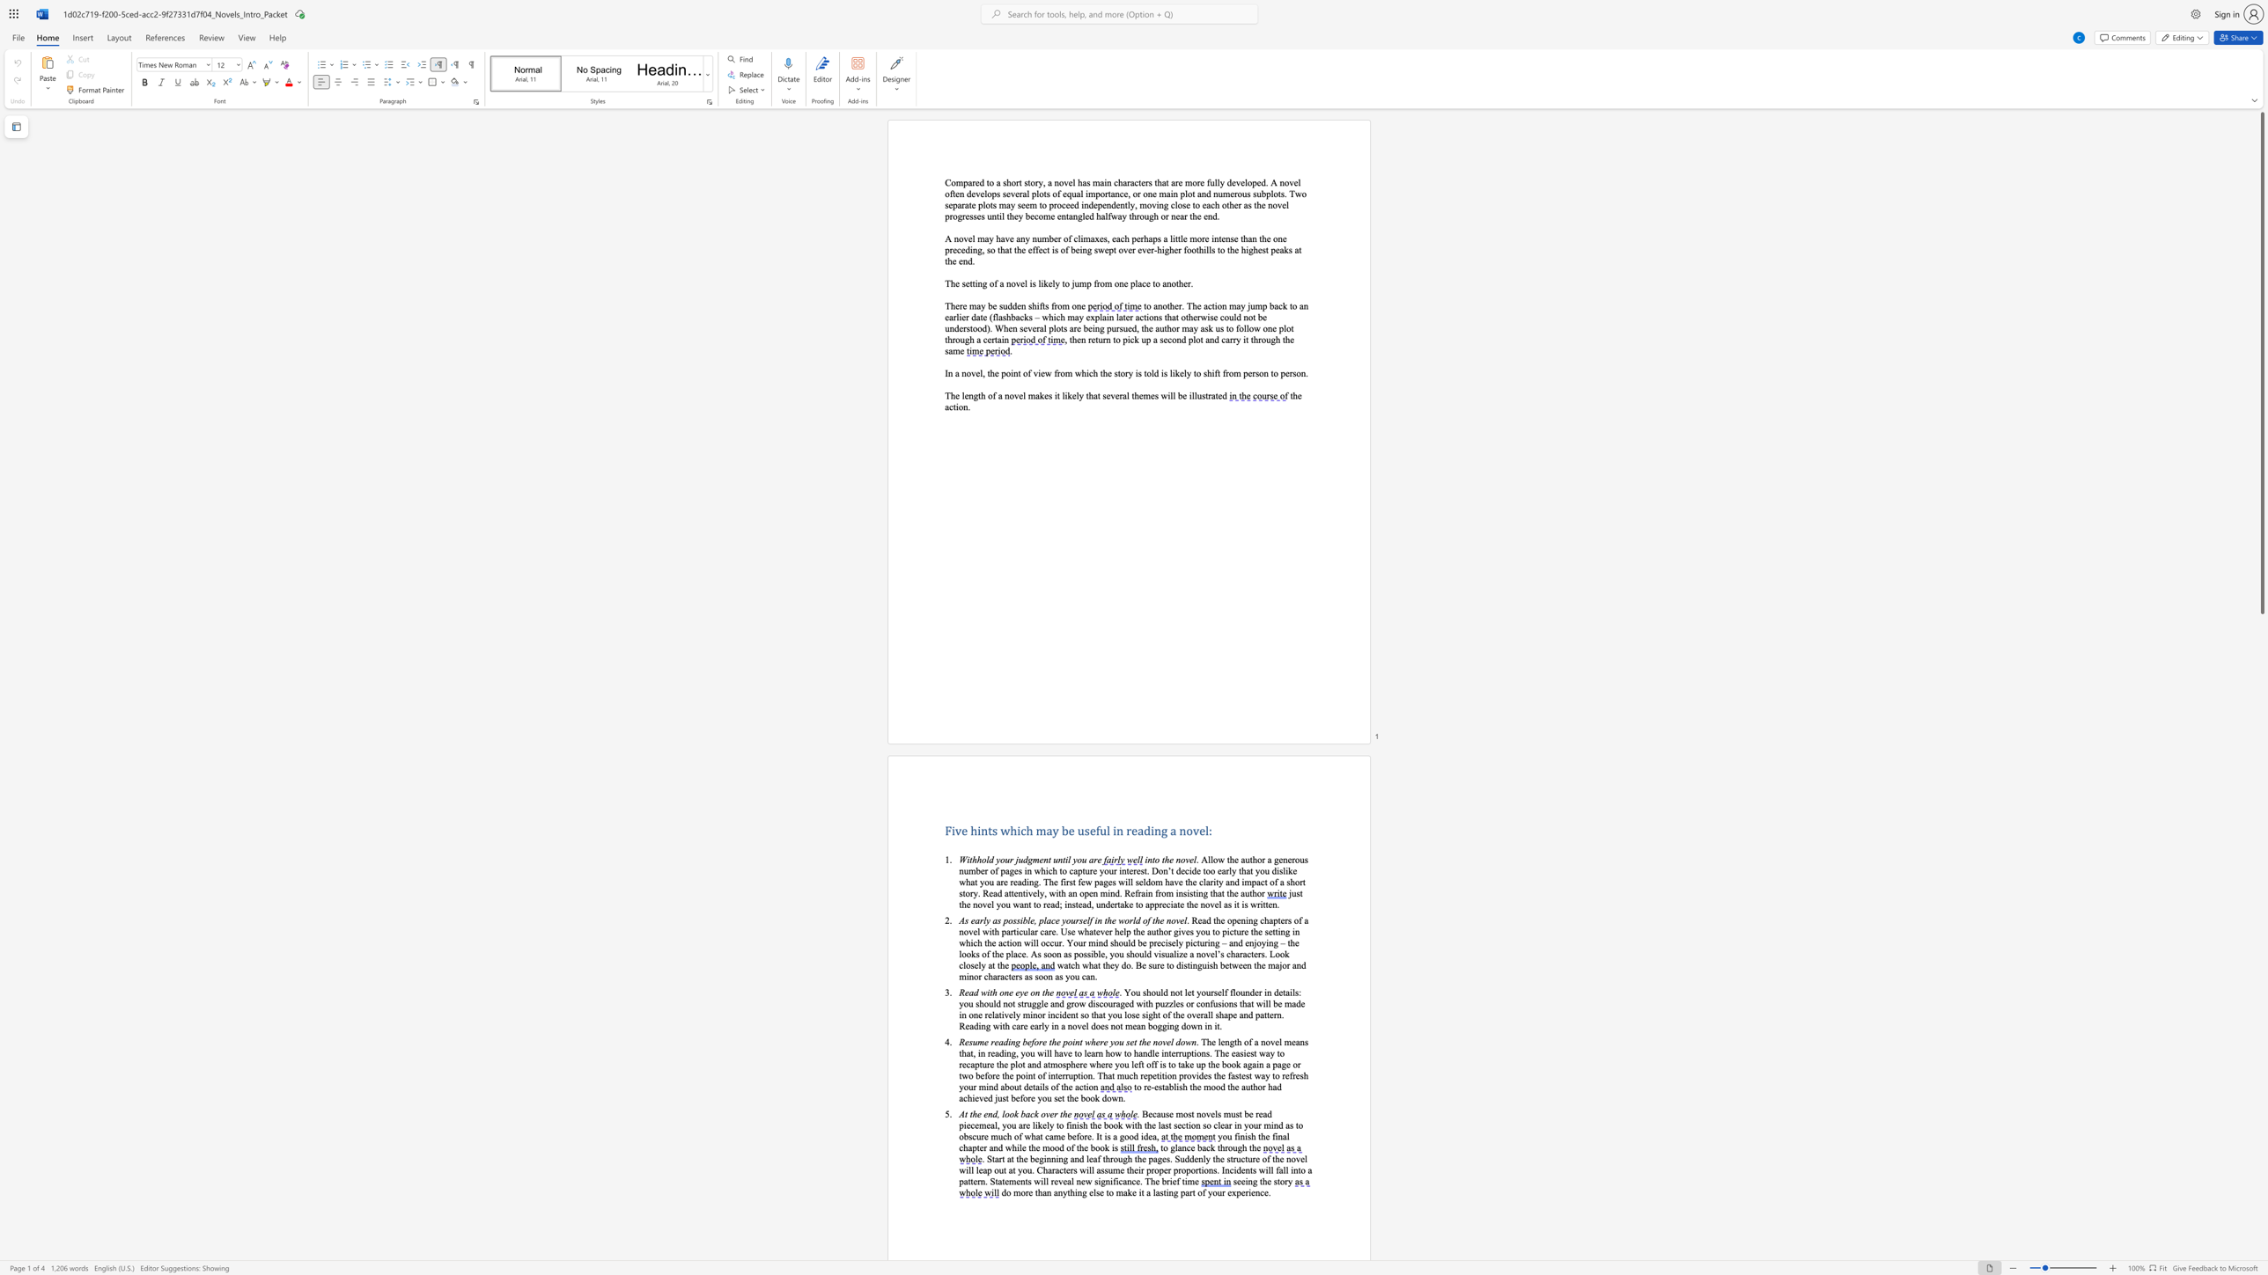 Image resolution: width=2268 pixels, height=1275 pixels. Describe the element at coordinates (1085, 870) in the screenshot. I see `the subset text "ure your int" within the text ". Allow the author a generous number of pages in which to capture your interest."` at that location.